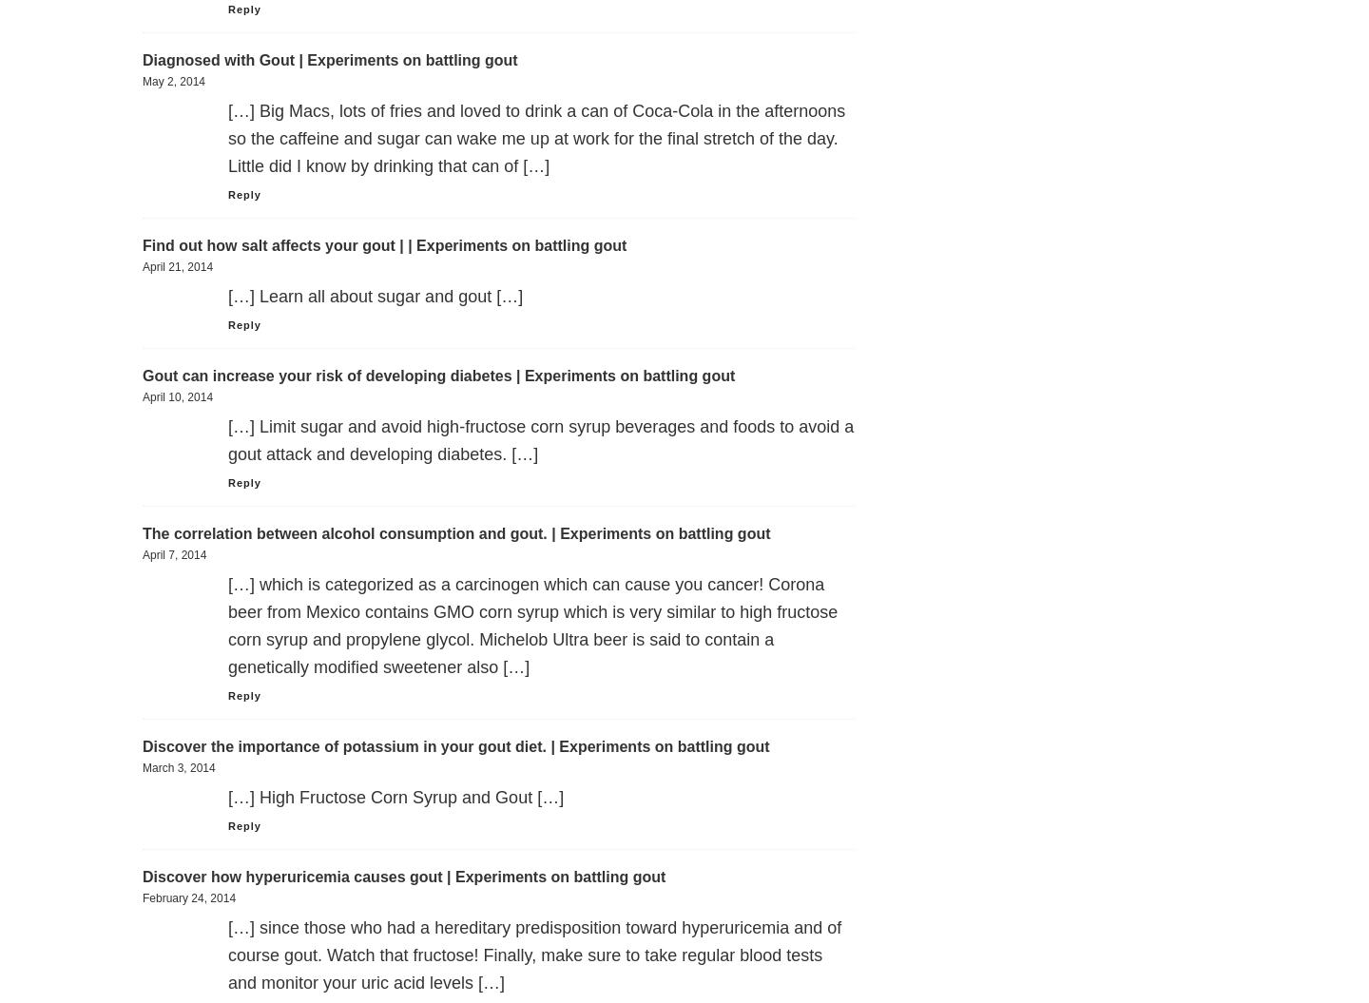  Describe the element at coordinates (534, 954) in the screenshot. I see `'[…] since those who had a hereditary predisposition toward hyperuricemia and of course gout. Watch that fructose! Finally, make sure to take regular blood tests and monitor your uric acid levels […]'` at that location.